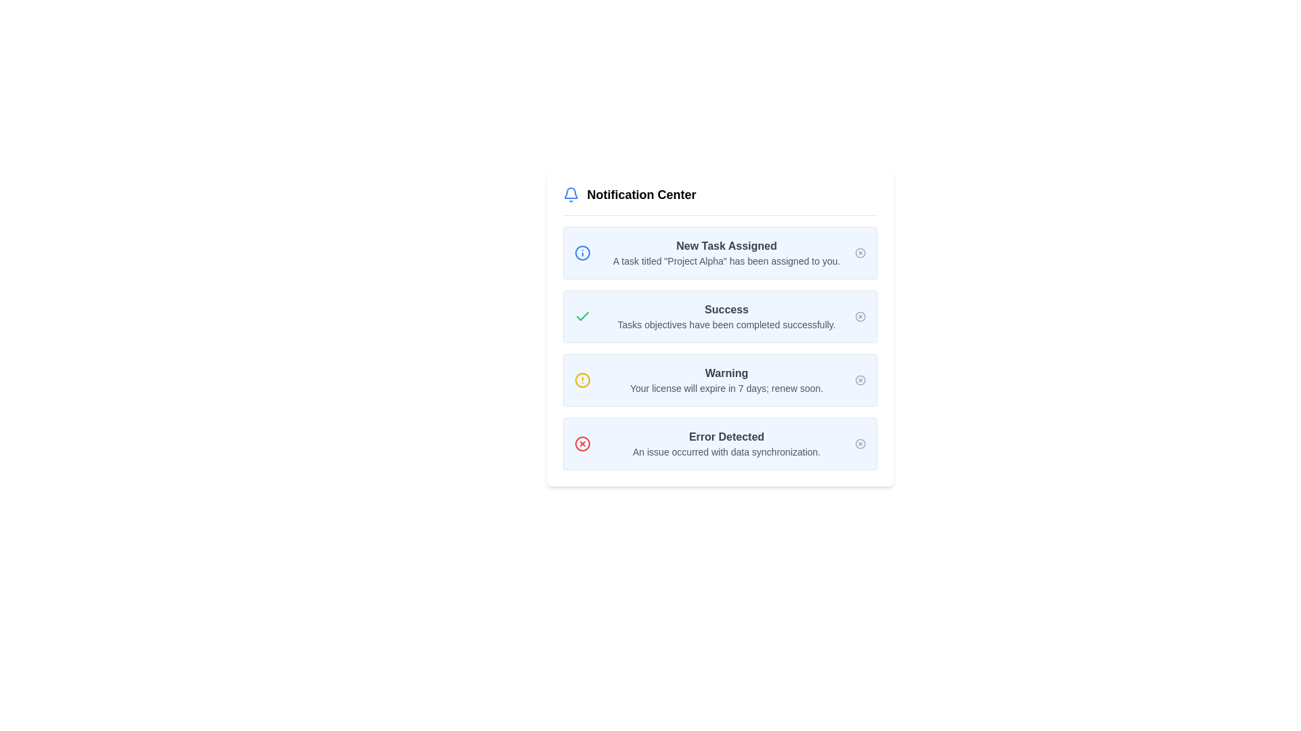 The width and height of the screenshot is (1301, 731). What do you see at coordinates (726, 261) in the screenshot?
I see `the text label that displays the notification 'A task titled "Project Alpha" has been assigned to you.' which is located below the headline 'New Task Assigned' in the notification center` at bounding box center [726, 261].